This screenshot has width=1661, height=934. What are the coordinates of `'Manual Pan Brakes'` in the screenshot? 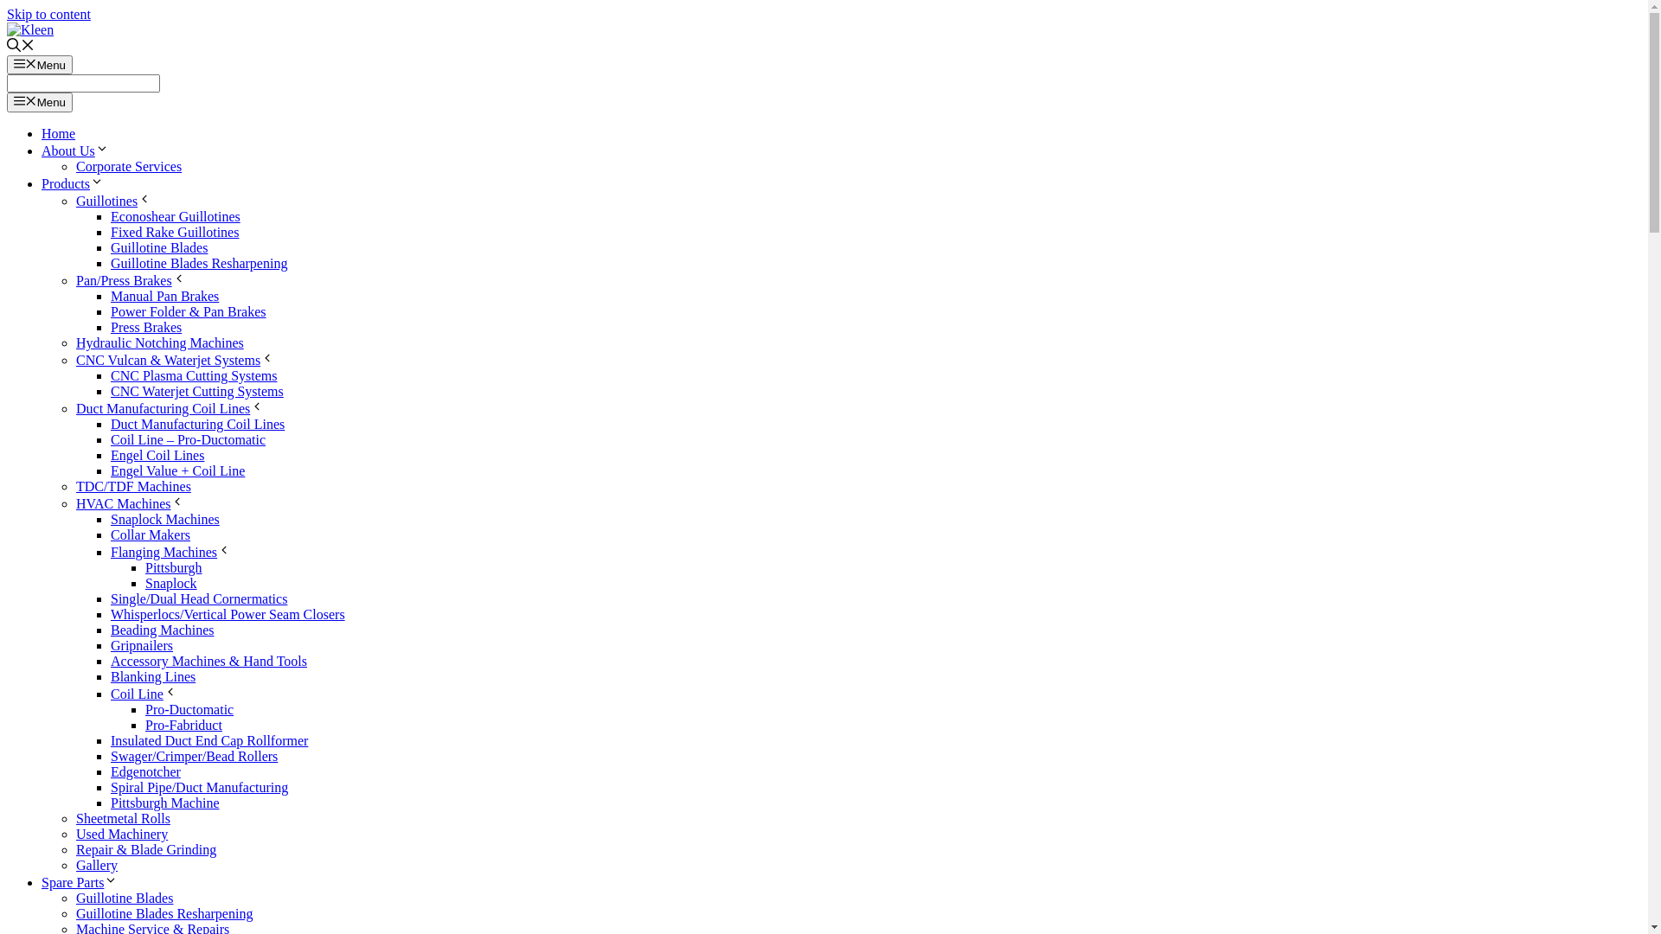 It's located at (164, 295).